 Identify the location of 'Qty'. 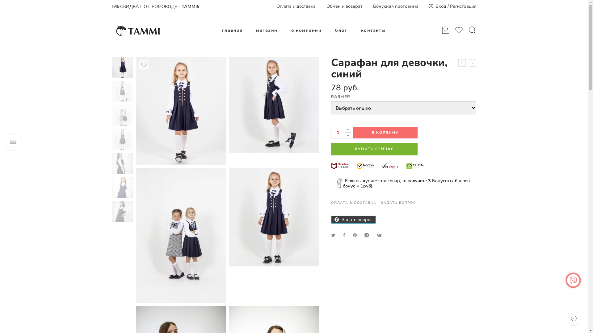
(338, 132).